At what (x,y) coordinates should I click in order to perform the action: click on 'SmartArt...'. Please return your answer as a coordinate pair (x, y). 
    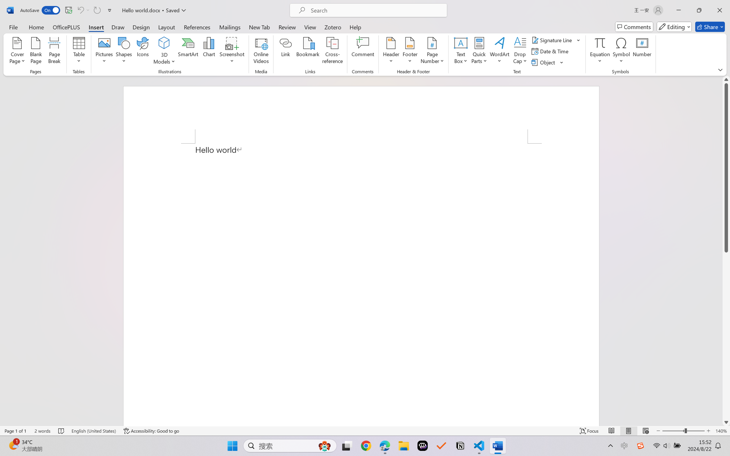
    Looking at the image, I should click on (188, 51).